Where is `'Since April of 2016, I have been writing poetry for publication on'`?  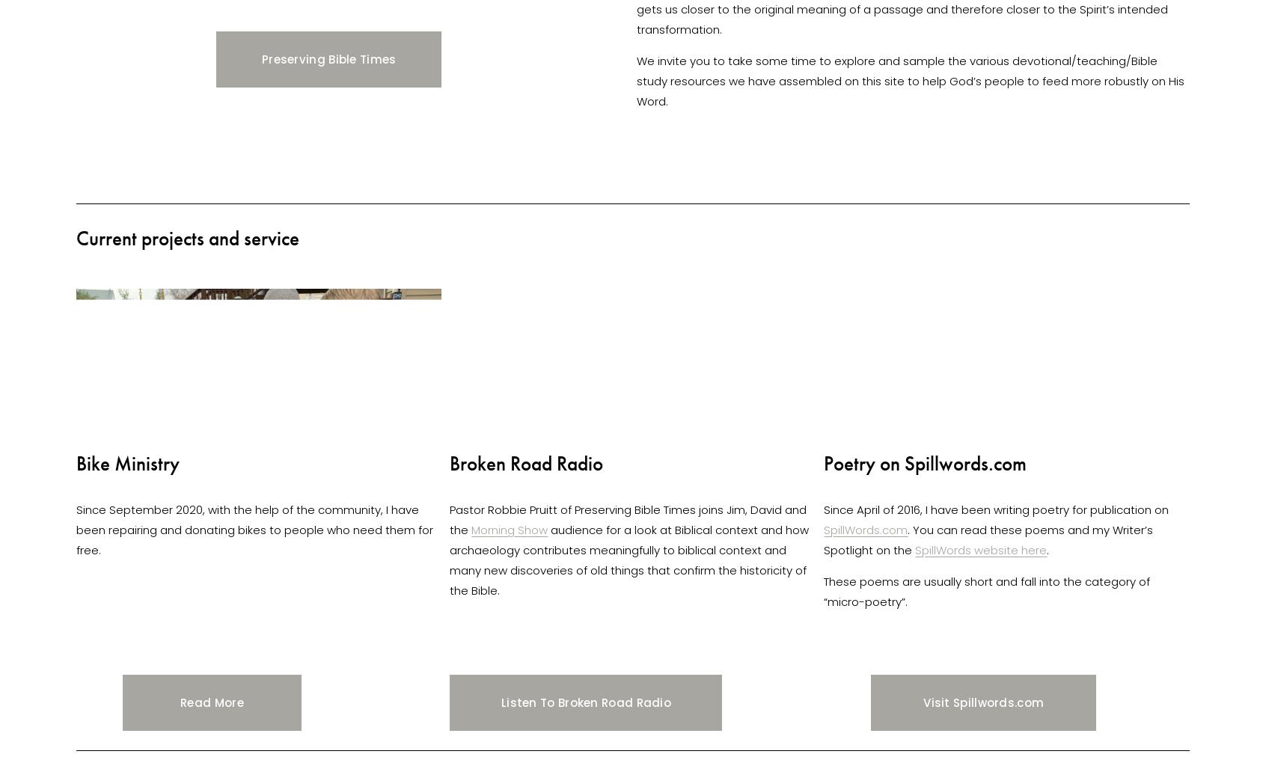 'Since April of 2016, I have been writing poetry for publication on' is located at coordinates (997, 509).